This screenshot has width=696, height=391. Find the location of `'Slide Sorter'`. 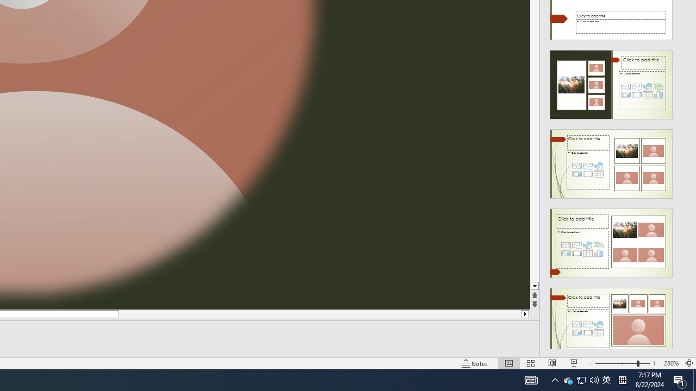

'Slide Sorter' is located at coordinates (531, 363).